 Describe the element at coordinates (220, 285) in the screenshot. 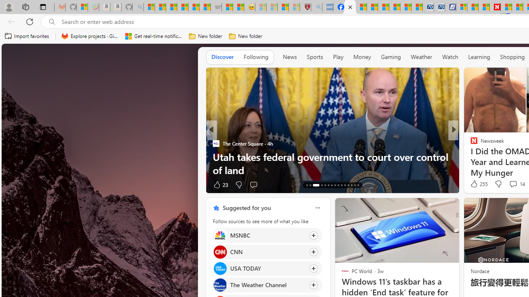

I see `'The Weather Channel'` at that location.